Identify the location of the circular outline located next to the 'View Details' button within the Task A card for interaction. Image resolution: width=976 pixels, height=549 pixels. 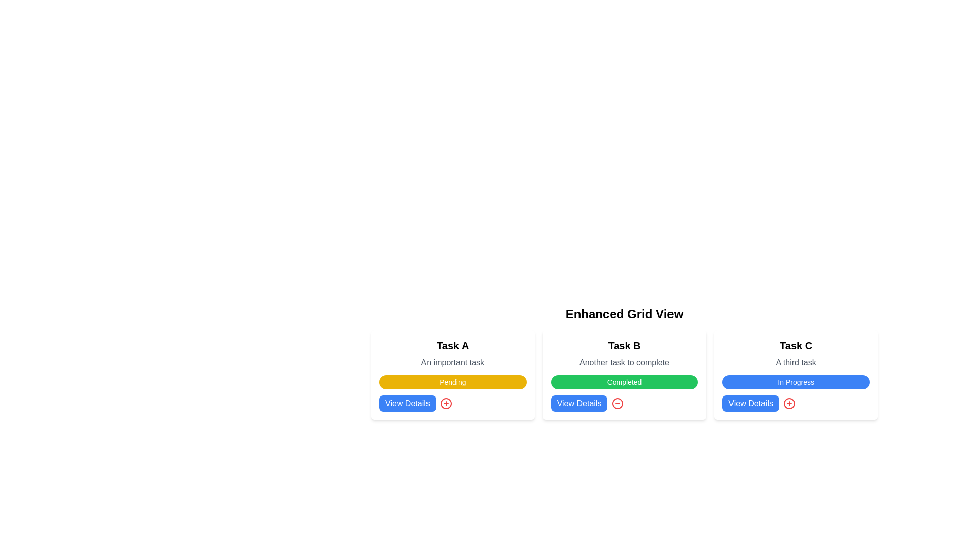
(446, 403).